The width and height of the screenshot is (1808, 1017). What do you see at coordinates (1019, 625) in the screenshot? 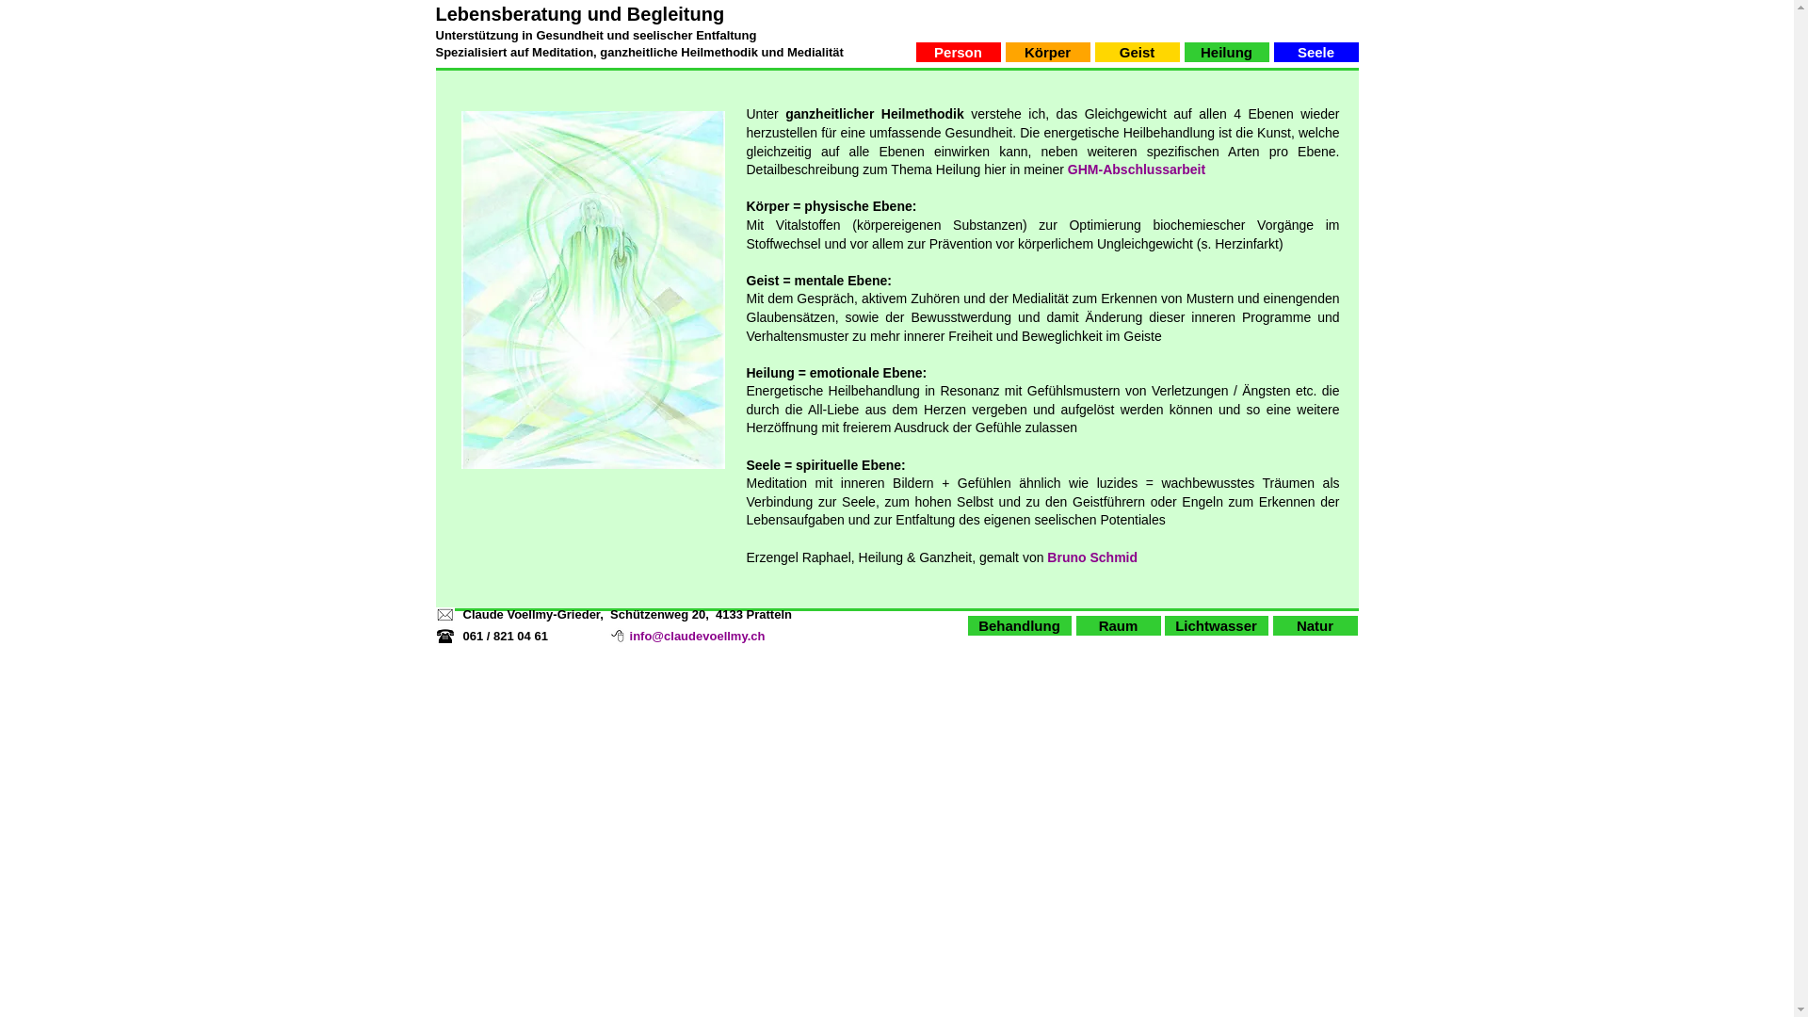
I see `'Behandlung'` at bounding box center [1019, 625].